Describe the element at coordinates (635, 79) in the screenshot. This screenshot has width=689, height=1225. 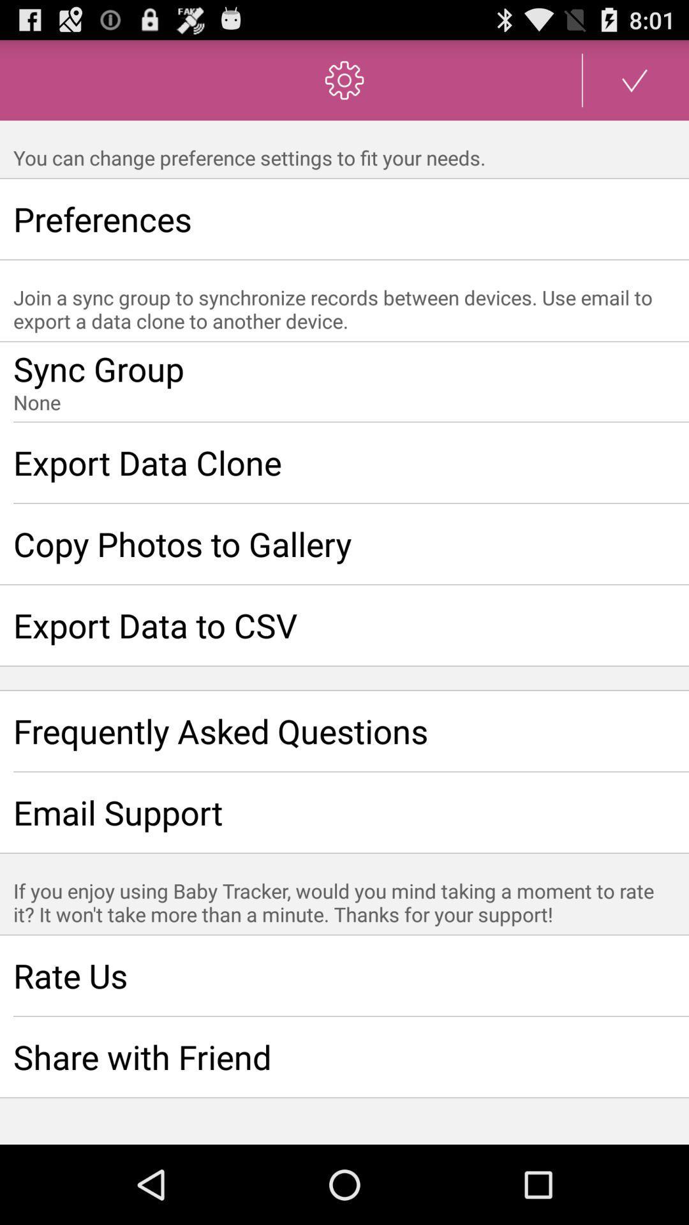
I see `the item at the top right corner` at that location.